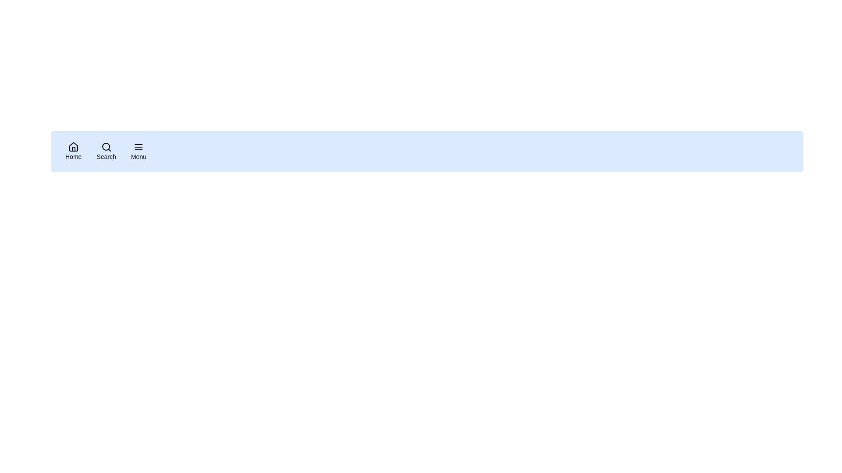  Describe the element at coordinates (73, 146) in the screenshot. I see `the house-shaped icon located within the 'Home' button in the top-left navigation menu` at that location.